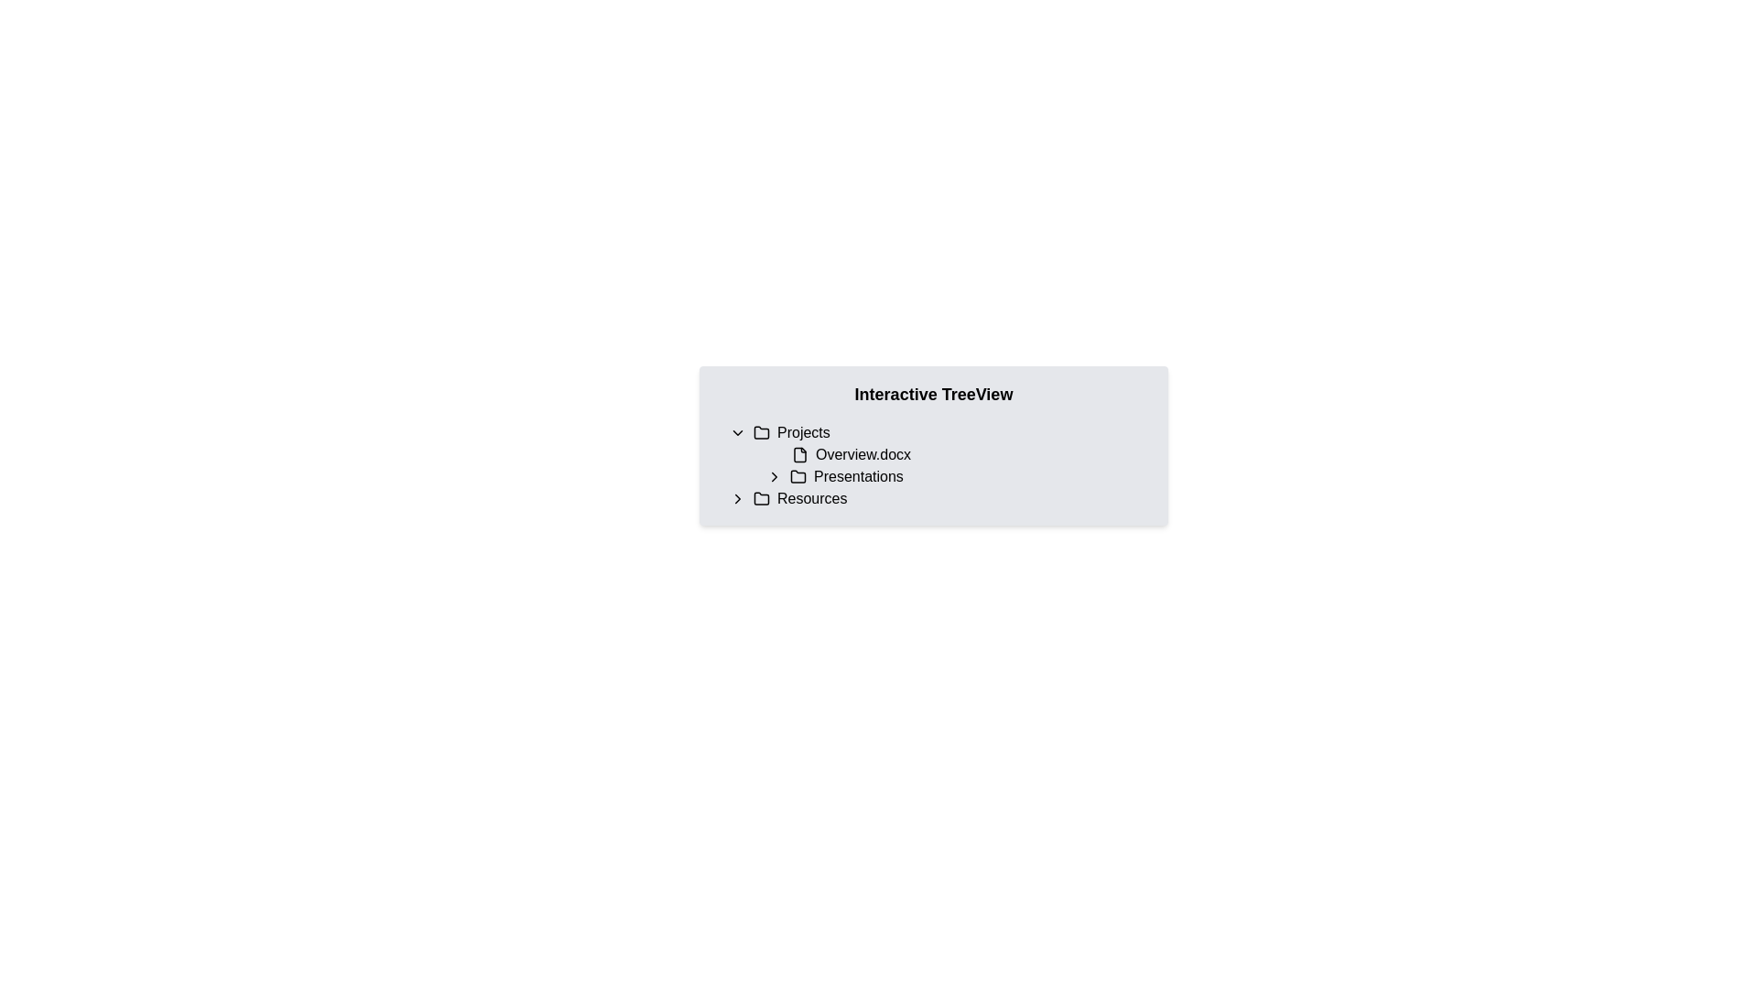 The image size is (1758, 989). What do you see at coordinates (738, 433) in the screenshot?
I see `the chevron icon that serves as a dropdown indicator for the 'Projects' folder in the tree view` at bounding box center [738, 433].